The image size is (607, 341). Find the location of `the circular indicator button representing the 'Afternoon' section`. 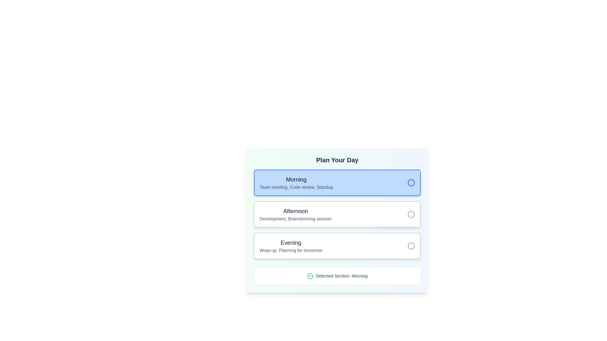

the circular indicator button representing the 'Afternoon' section is located at coordinates (411, 214).